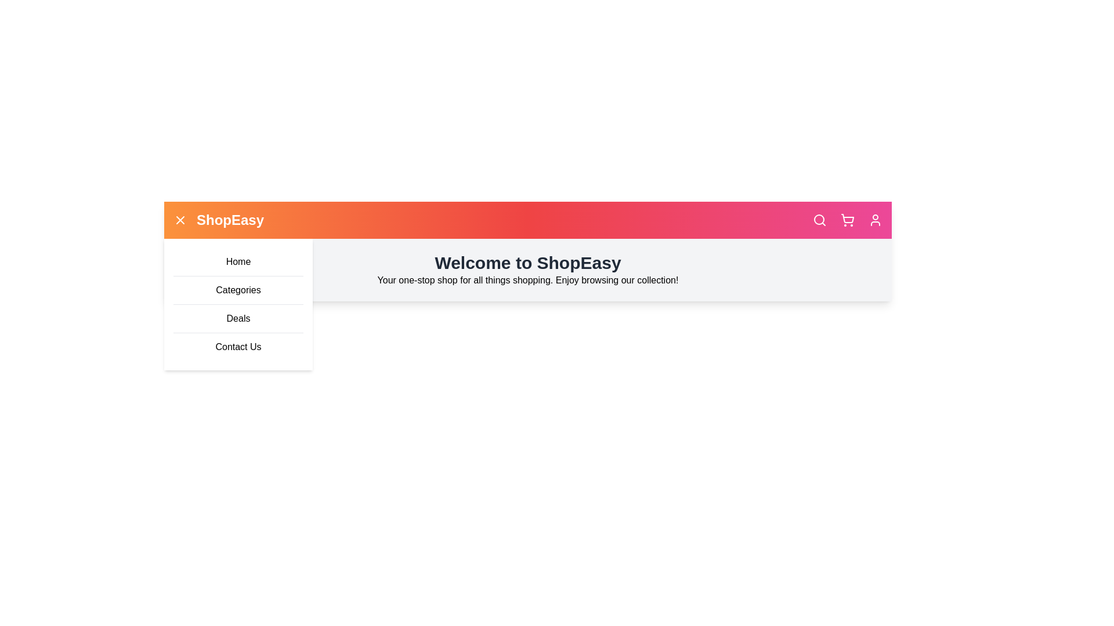  Describe the element at coordinates (819, 220) in the screenshot. I see `the search button located on the navigation bar in the top right corner of the webpage, which is the first icon from the left among three icons` at that location.